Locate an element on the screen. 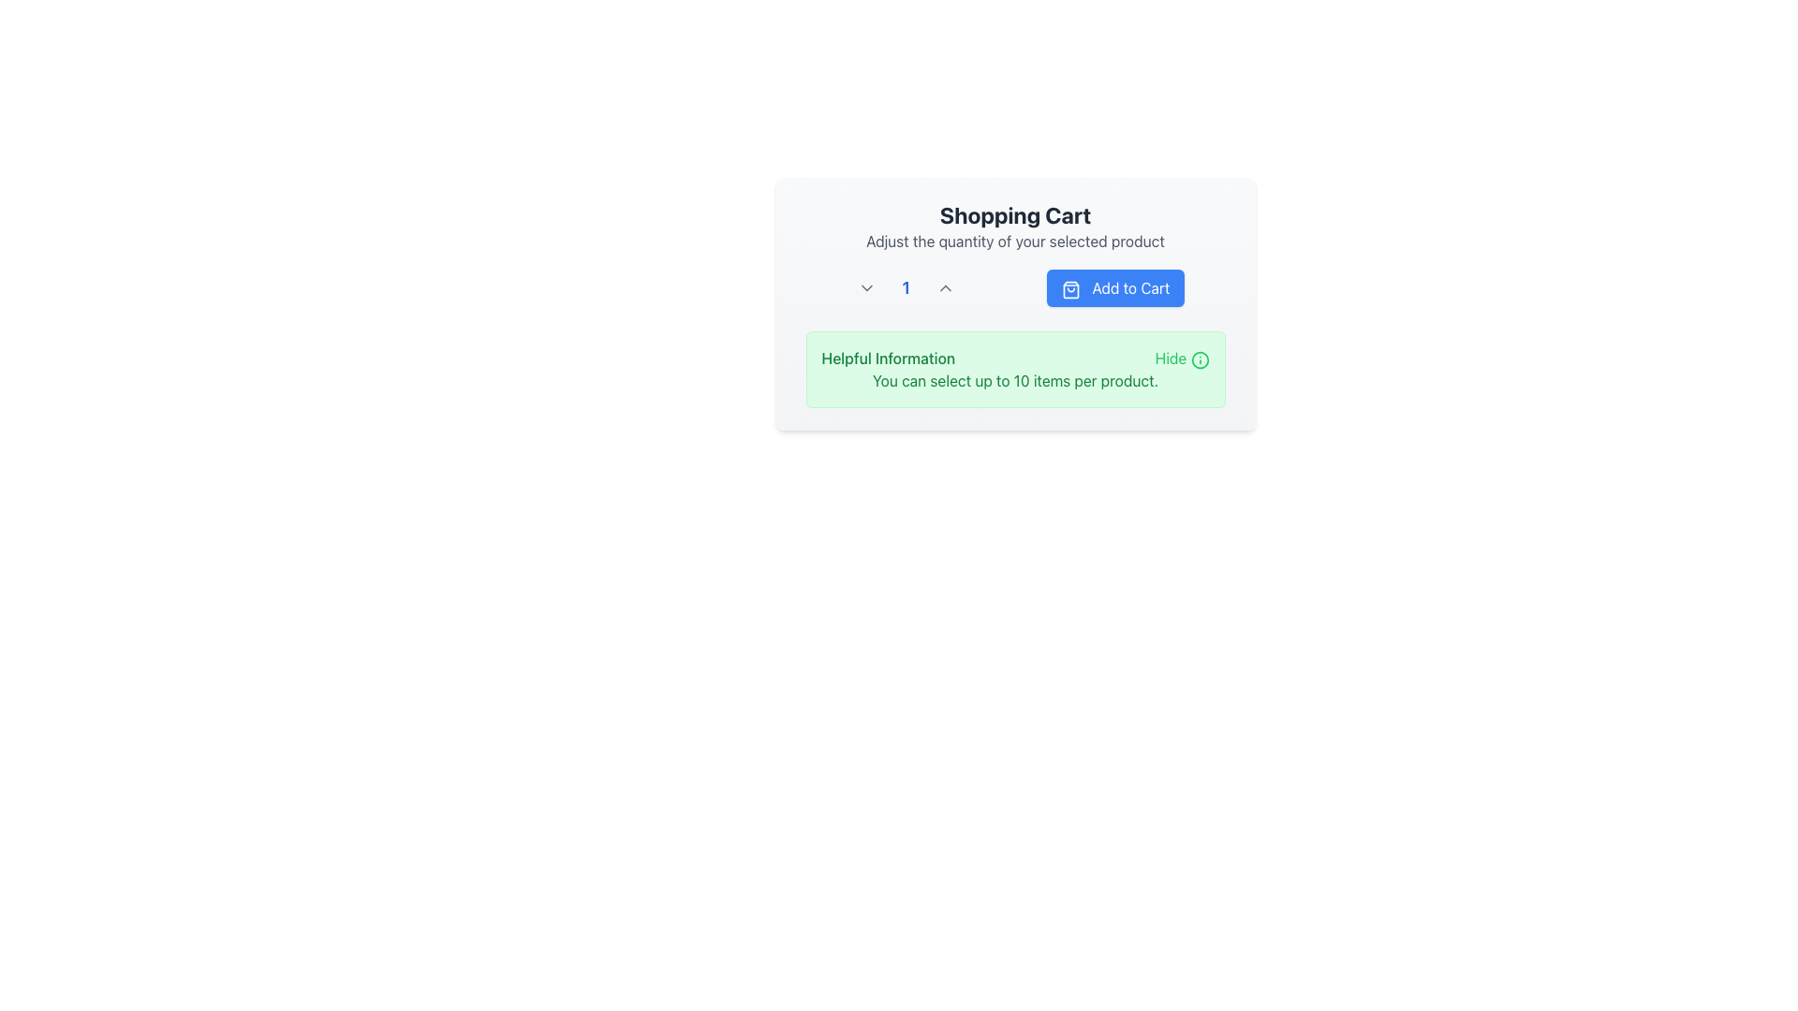 This screenshot has width=1798, height=1011. the shopping bag icon within the 'Add to Cart' button, which has a blue background and white text, located to the left of the label is located at coordinates (1071, 289).